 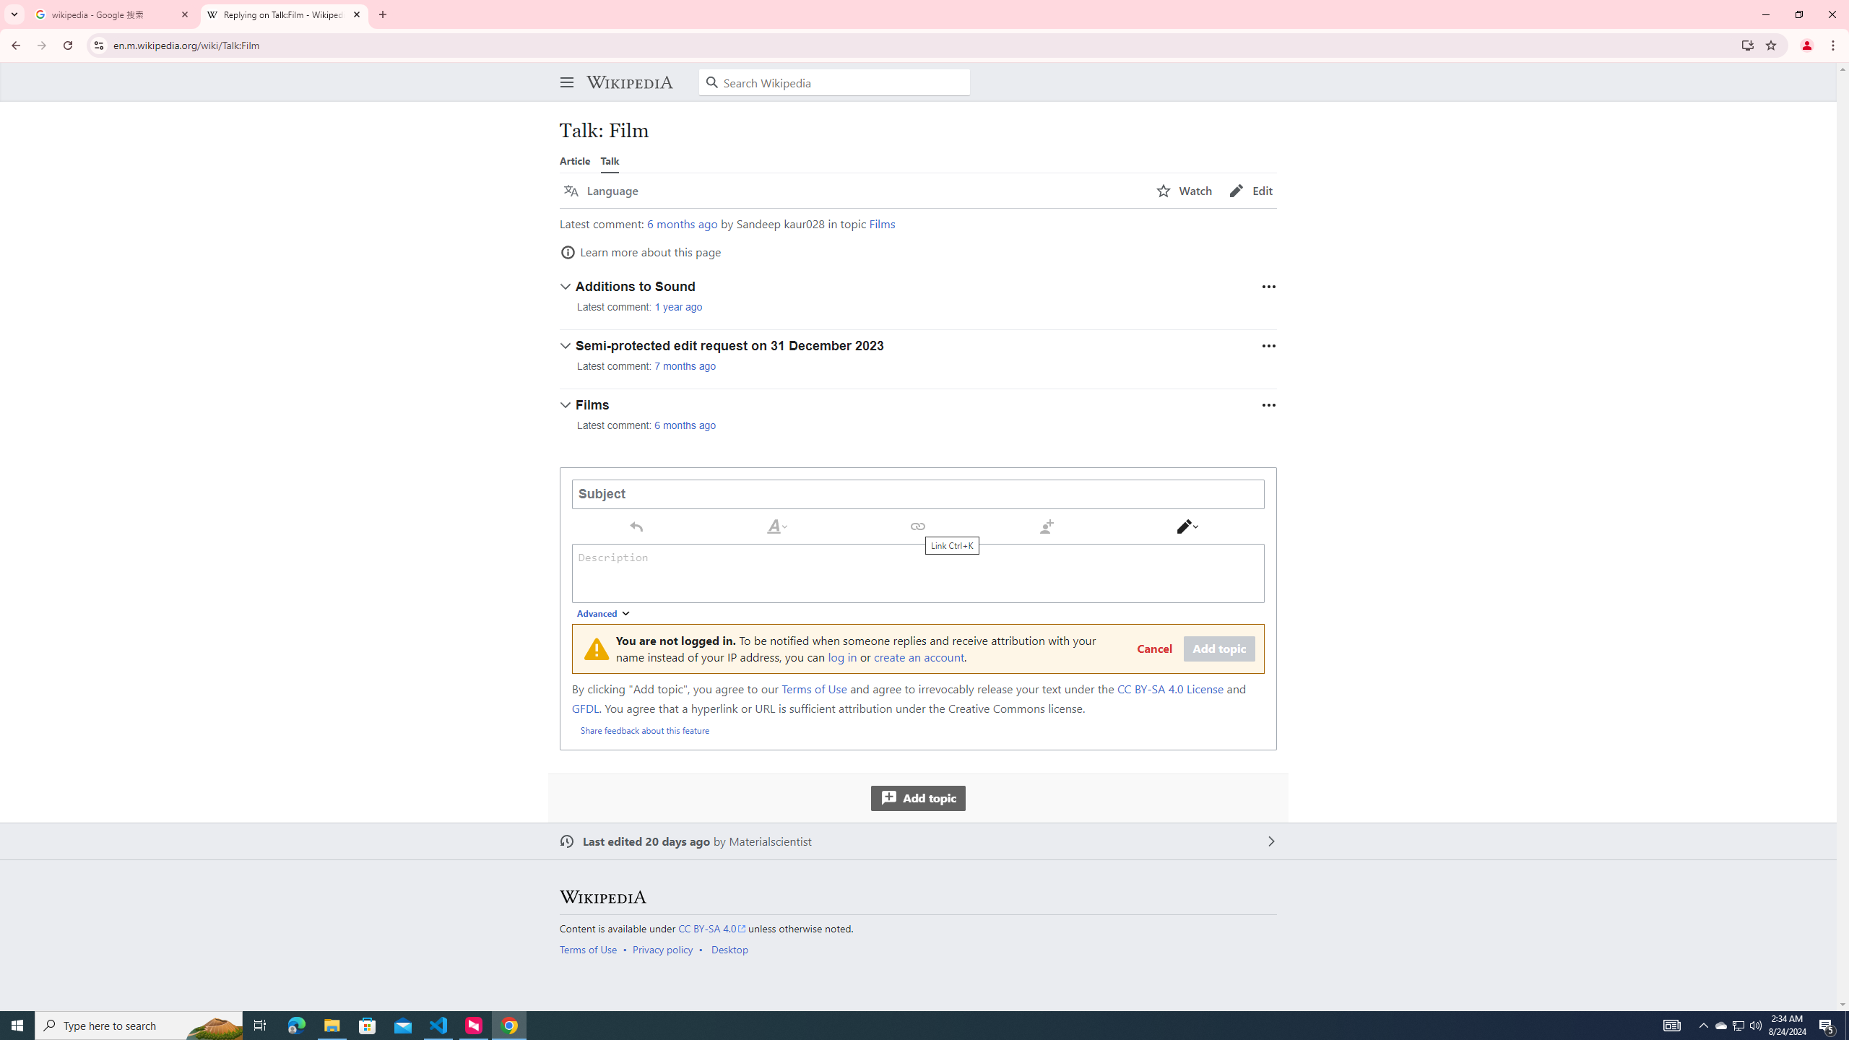 I want to click on 'Subject', so click(x=918, y=493).